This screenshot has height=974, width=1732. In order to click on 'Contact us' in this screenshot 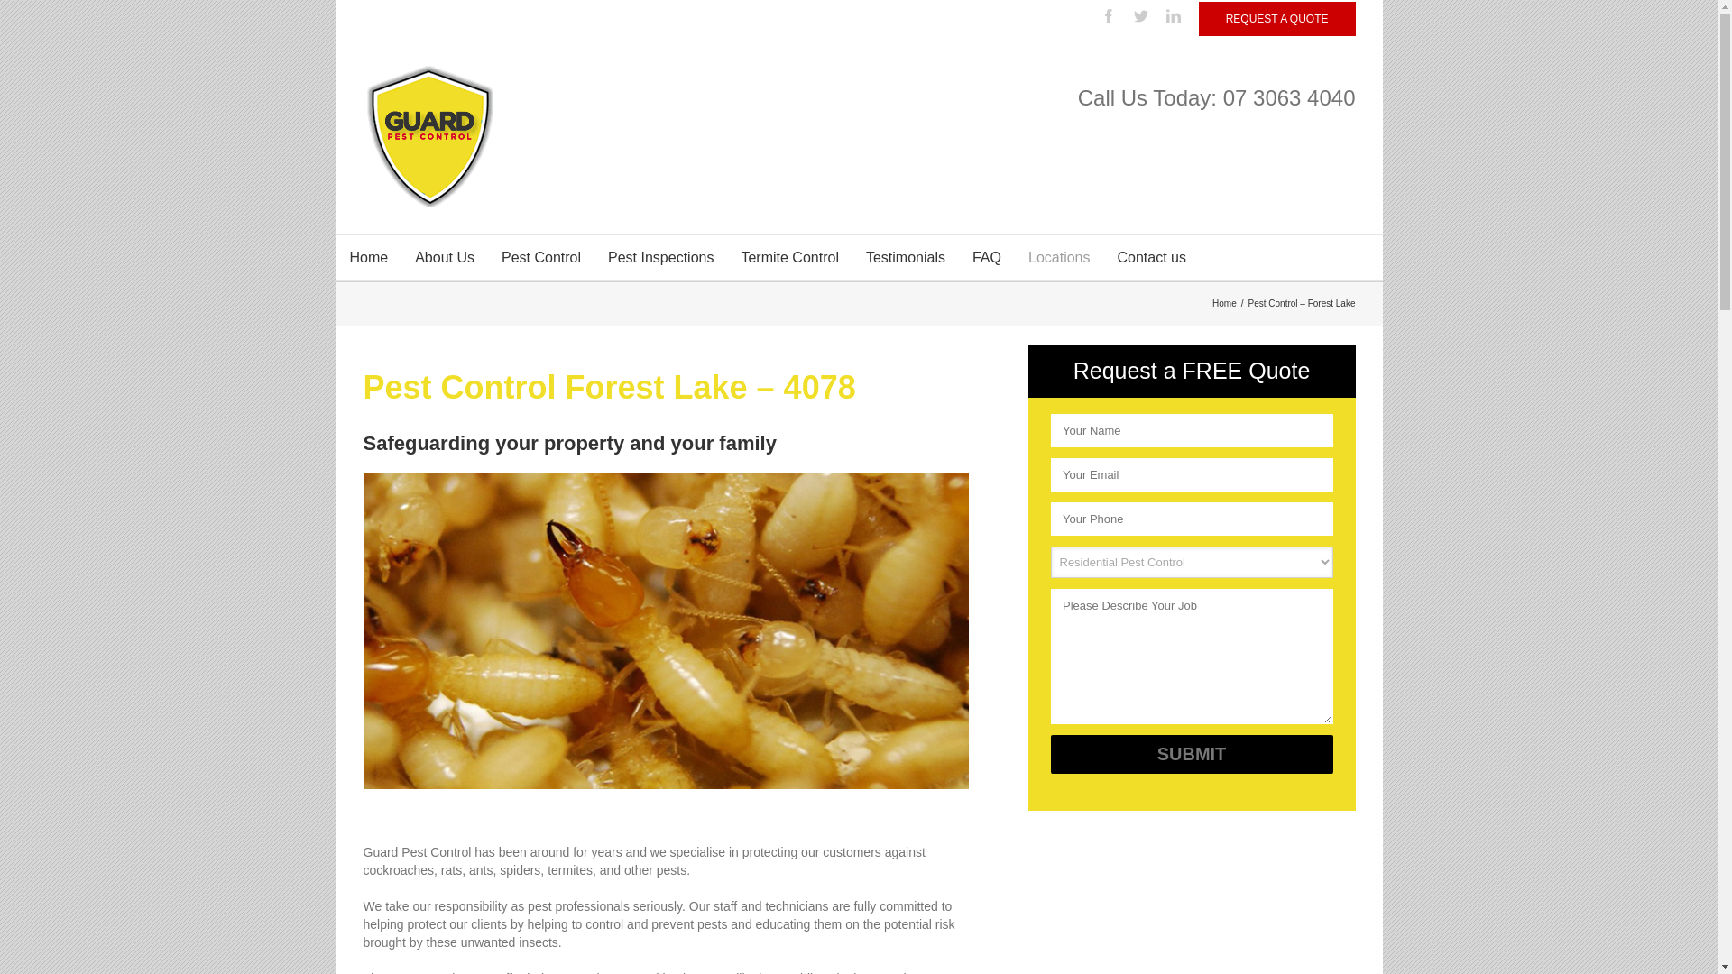, I will do `click(1150, 257)`.